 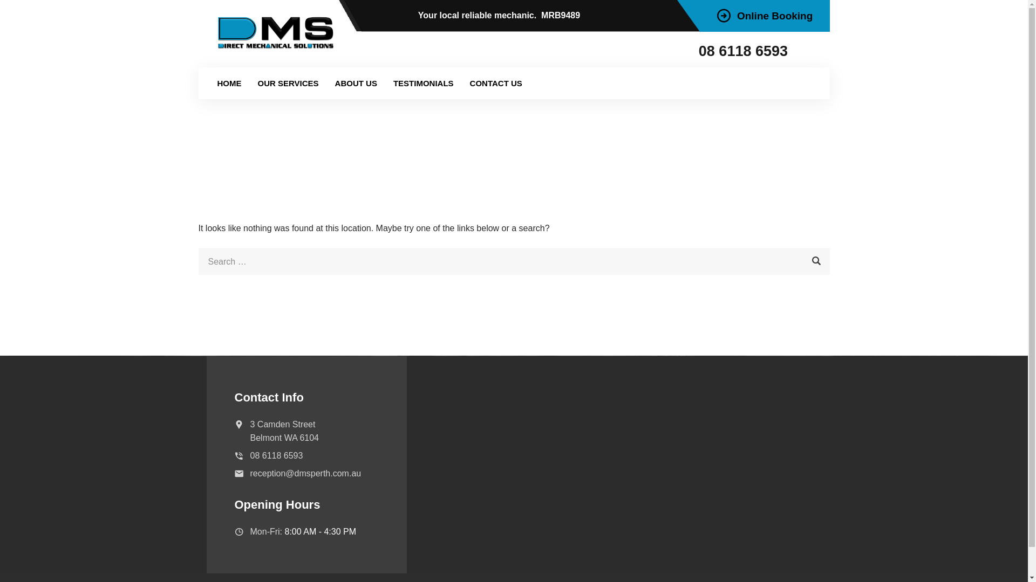 I want to click on 'ABOUT US', so click(x=326, y=82).